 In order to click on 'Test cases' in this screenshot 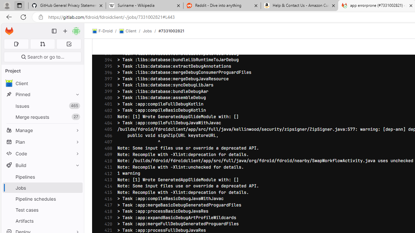, I will do `click(42, 210)`.